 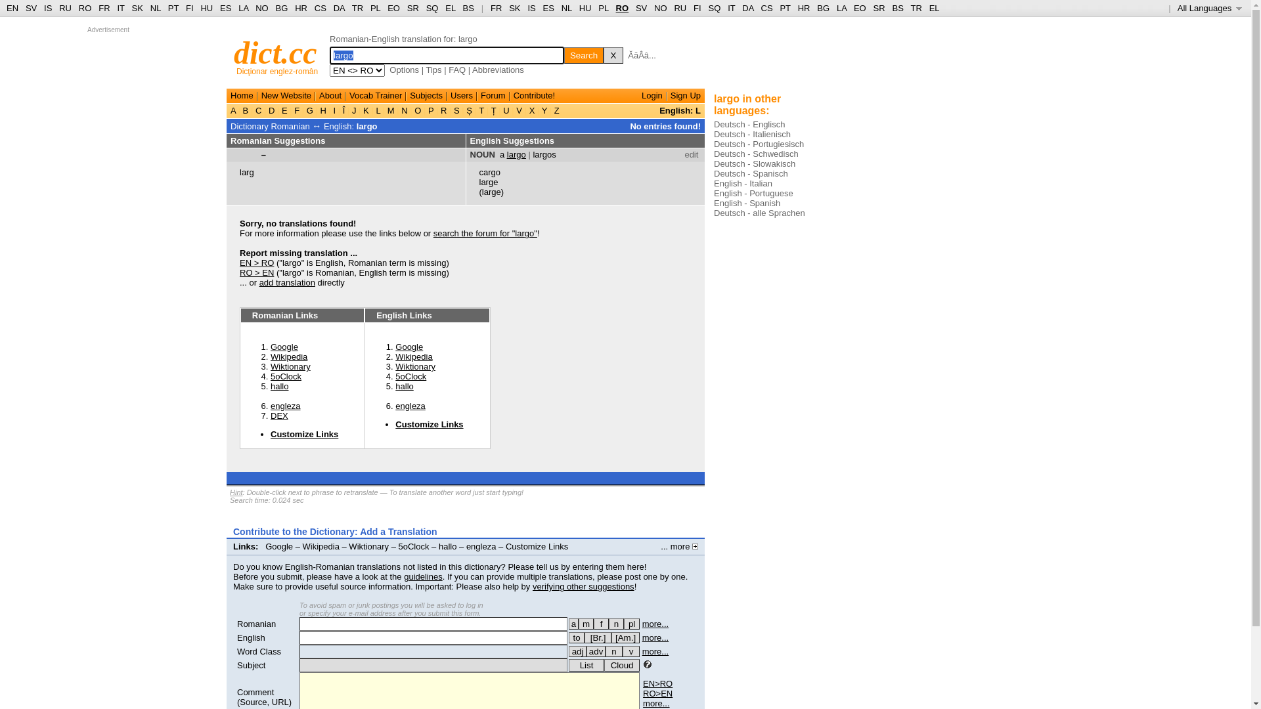 I want to click on 'RO', so click(x=622, y=8).